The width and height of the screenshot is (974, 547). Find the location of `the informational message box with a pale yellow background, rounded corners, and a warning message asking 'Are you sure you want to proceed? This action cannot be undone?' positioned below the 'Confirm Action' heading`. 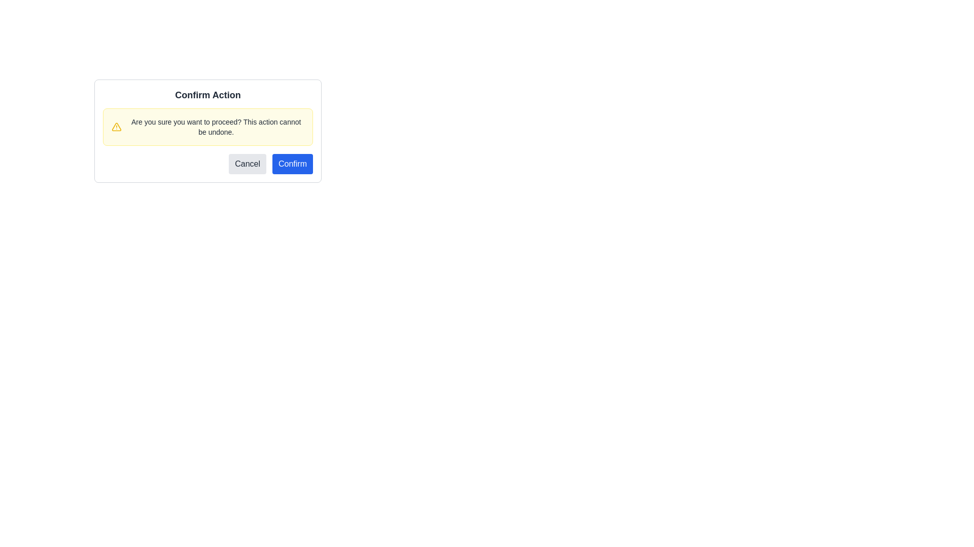

the informational message box with a pale yellow background, rounded corners, and a warning message asking 'Are you sure you want to proceed? This action cannot be undone?' positioned below the 'Confirm Action' heading is located at coordinates (207, 126).